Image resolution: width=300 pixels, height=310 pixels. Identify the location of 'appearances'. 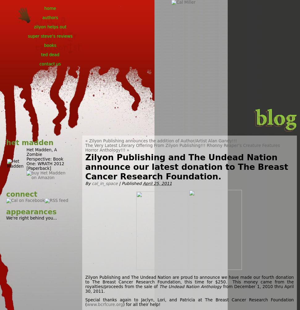
(31, 212).